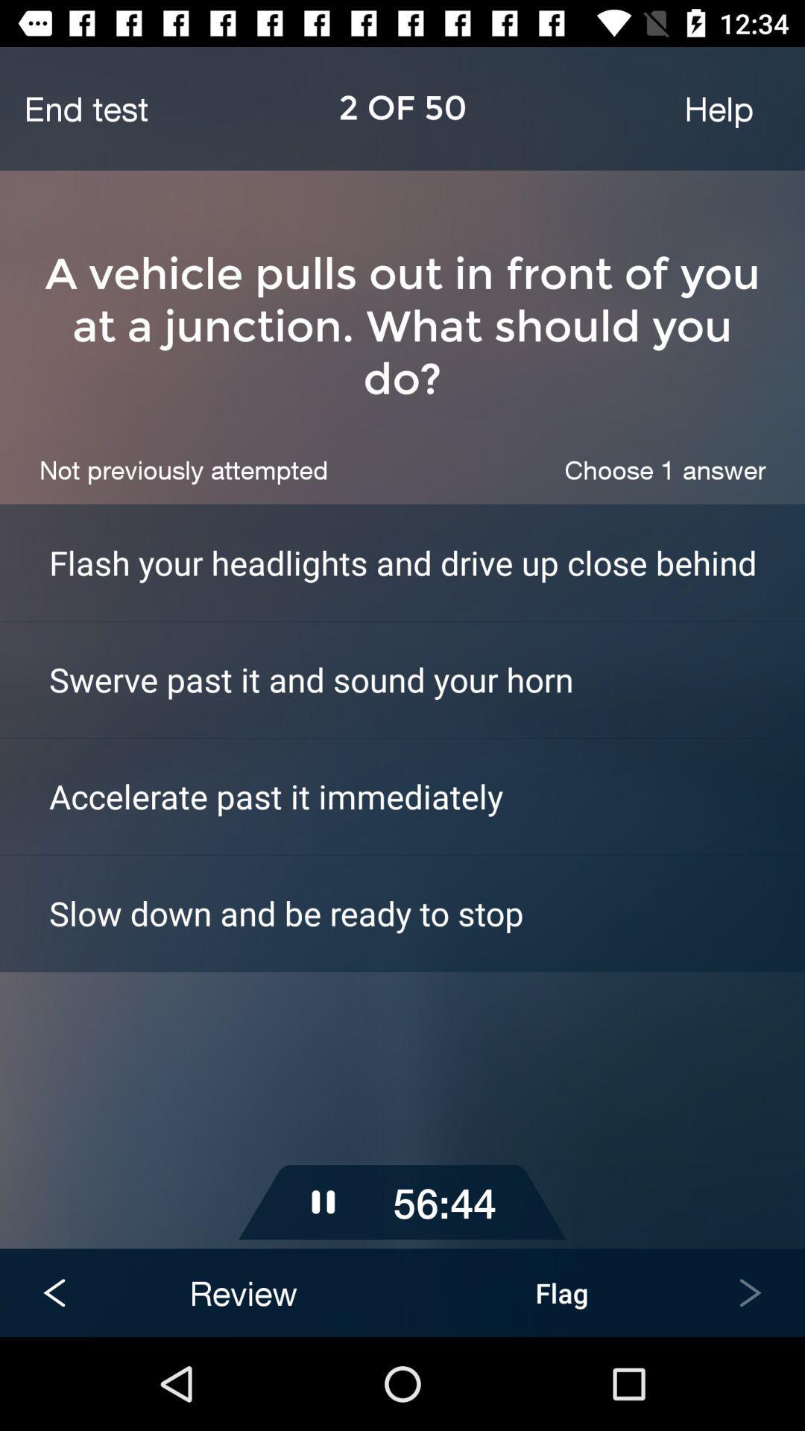 The width and height of the screenshot is (805, 1431). What do you see at coordinates (183, 469) in the screenshot?
I see `the icon below the a vehicle pulls icon` at bounding box center [183, 469].